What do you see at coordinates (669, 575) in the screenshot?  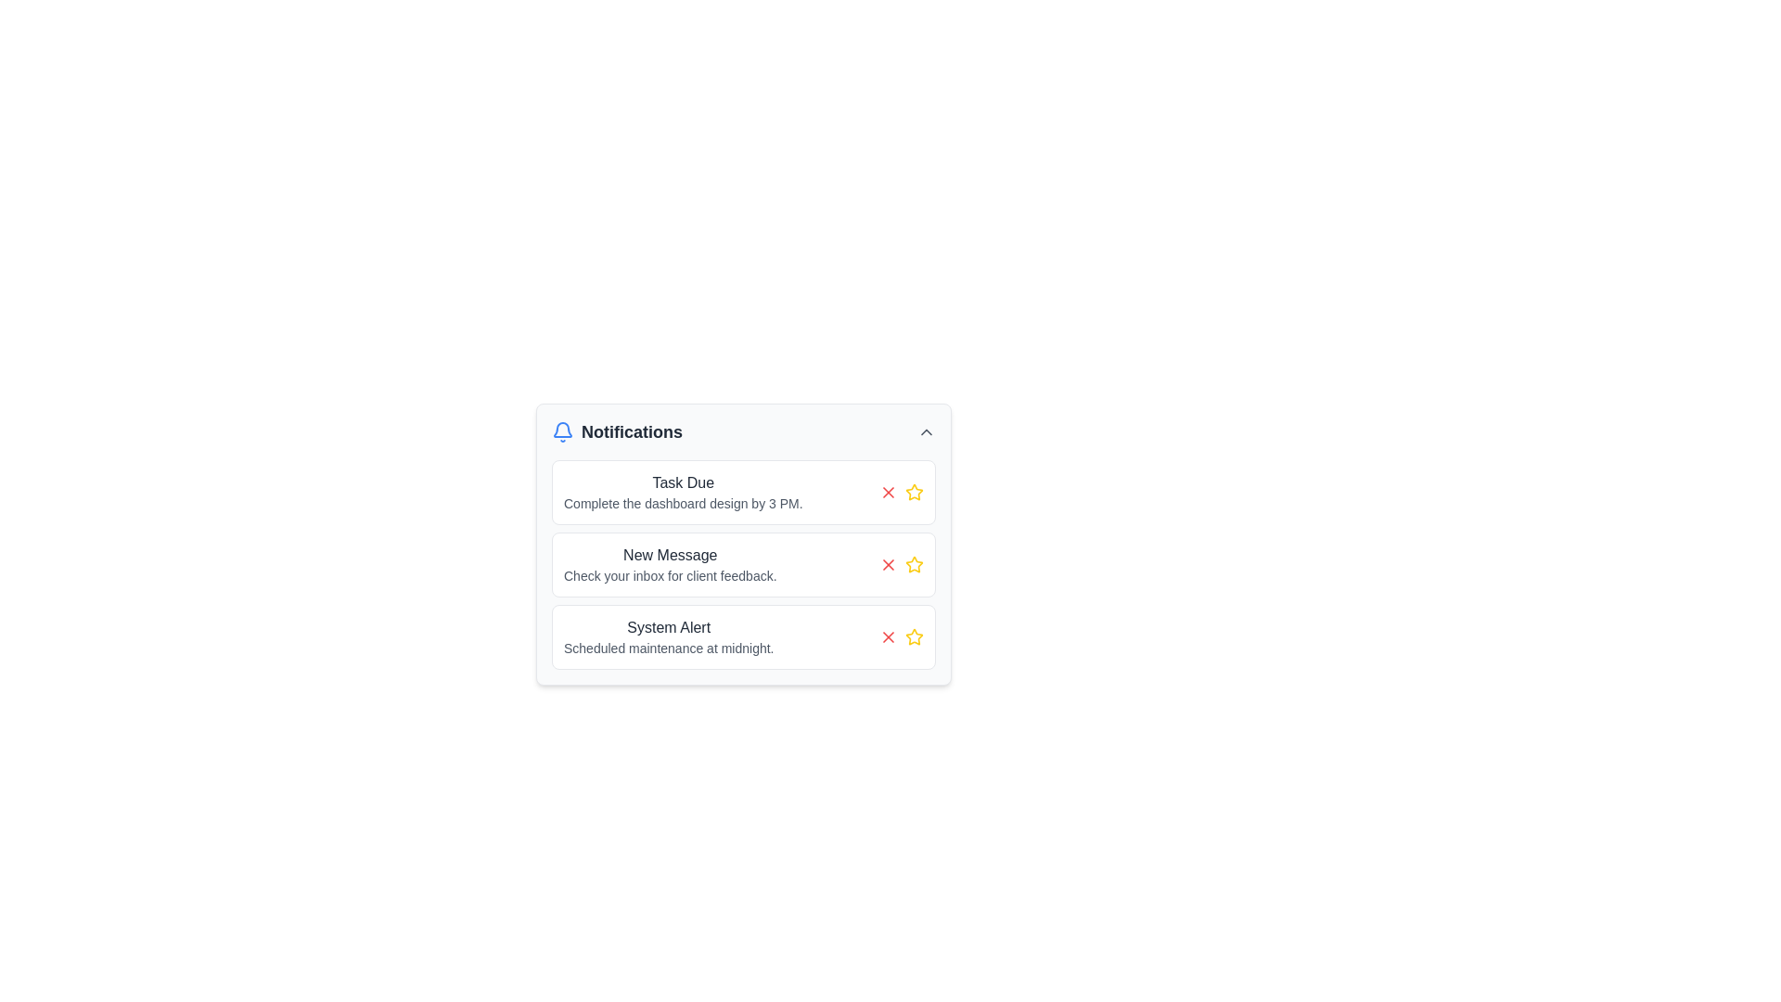 I see `text label displaying 'Check your inbox for client feedback.' which is styled in a small font size and subtle gray color, located below the 'New Message' title text in the notifications list` at bounding box center [669, 575].